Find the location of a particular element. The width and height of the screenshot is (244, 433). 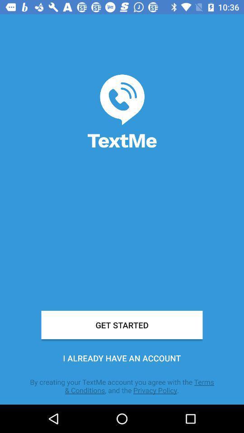

the icon above i already have is located at coordinates (122, 325).